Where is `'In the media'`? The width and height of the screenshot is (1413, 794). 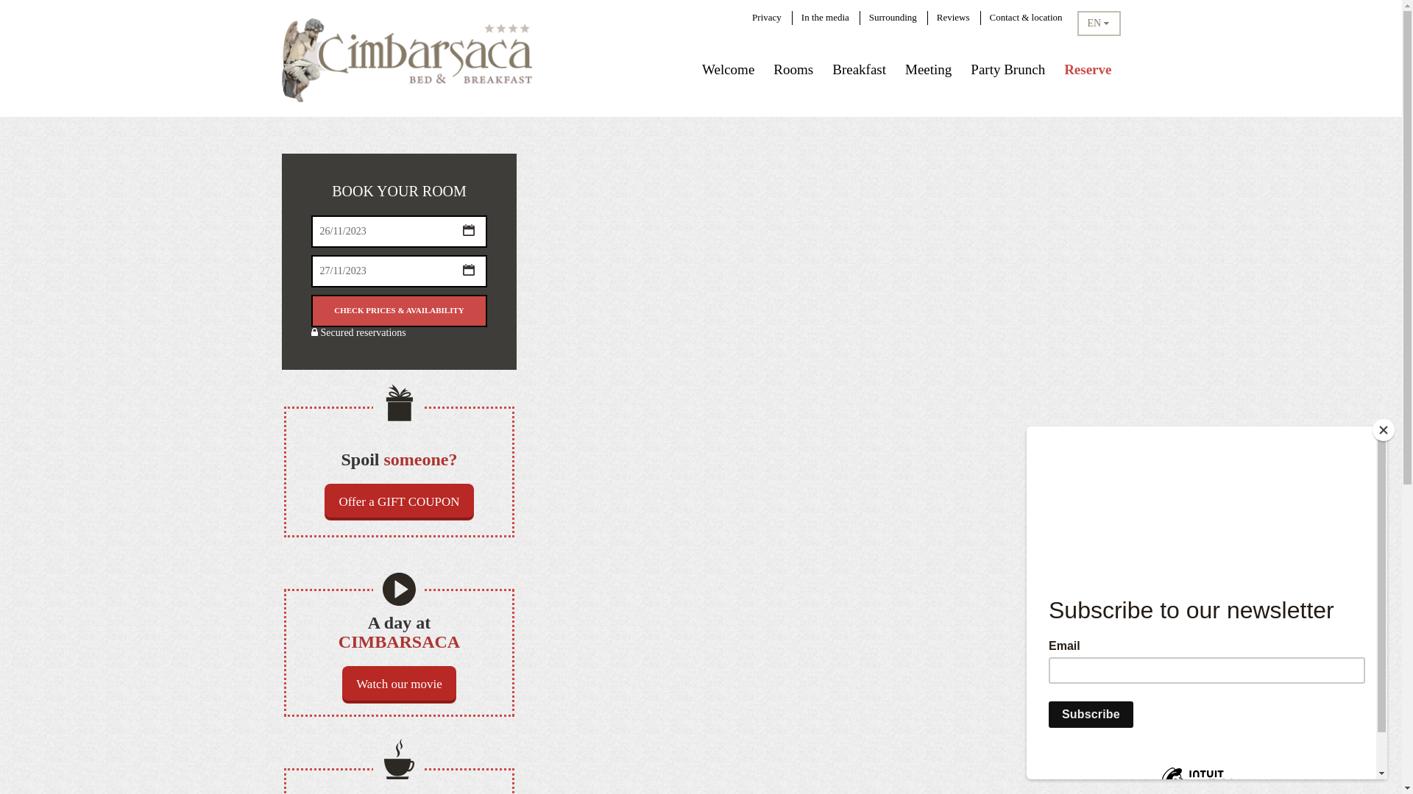 'In the media' is located at coordinates (825, 18).